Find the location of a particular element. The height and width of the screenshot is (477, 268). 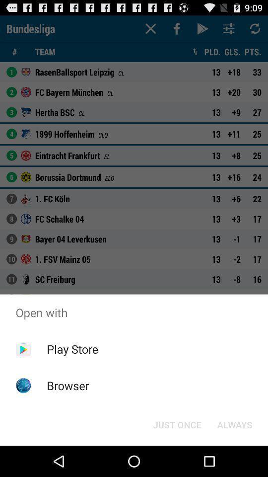

the just once button is located at coordinates (177, 424).